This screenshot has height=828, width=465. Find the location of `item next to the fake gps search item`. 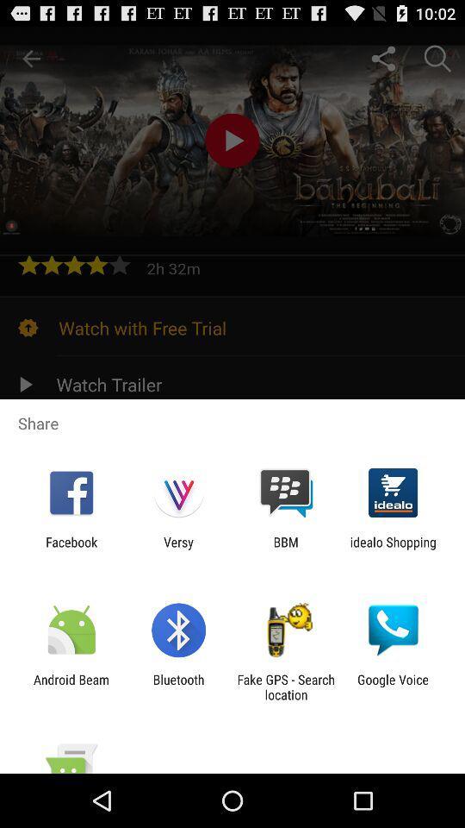

item next to the fake gps search item is located at coordinates (177, 687).